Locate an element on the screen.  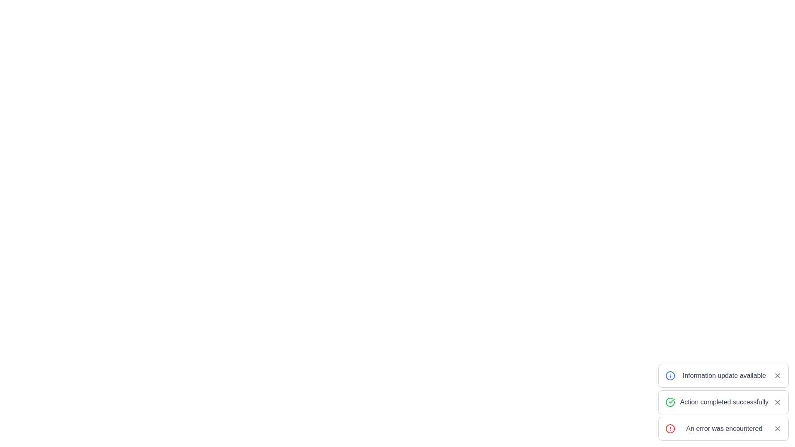
the button located at the far right side of the notification pane labeled 'Information update available' is located at coordinates (777, 375).